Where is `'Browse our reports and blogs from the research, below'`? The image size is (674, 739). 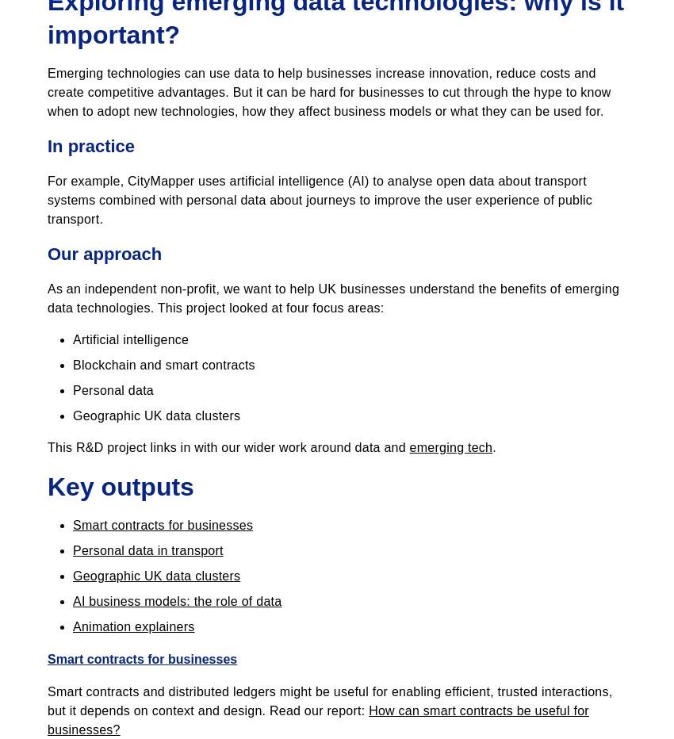
'Browse our reports and blogs from the research, below' is located at coordinates (206, 19).